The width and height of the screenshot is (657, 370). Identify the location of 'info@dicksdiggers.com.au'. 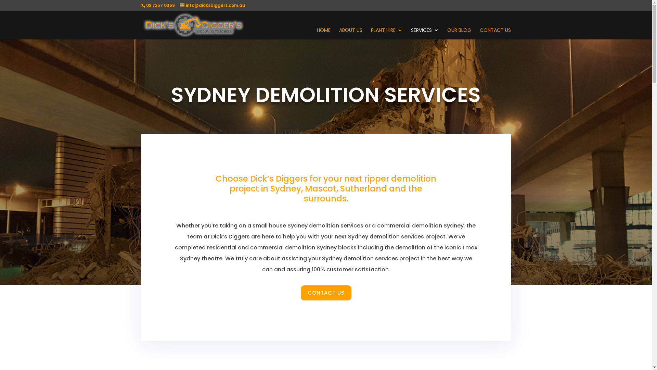
(212, 5).